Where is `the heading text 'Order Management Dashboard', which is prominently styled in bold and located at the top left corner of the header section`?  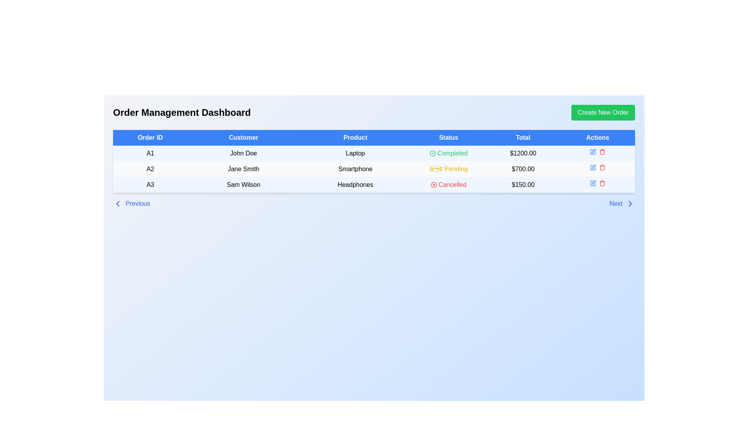
the heading text 'Order Management Dashboard', which is prominently styled in bold and located at the top left corner of the header section is located at coordinates (181, 112).